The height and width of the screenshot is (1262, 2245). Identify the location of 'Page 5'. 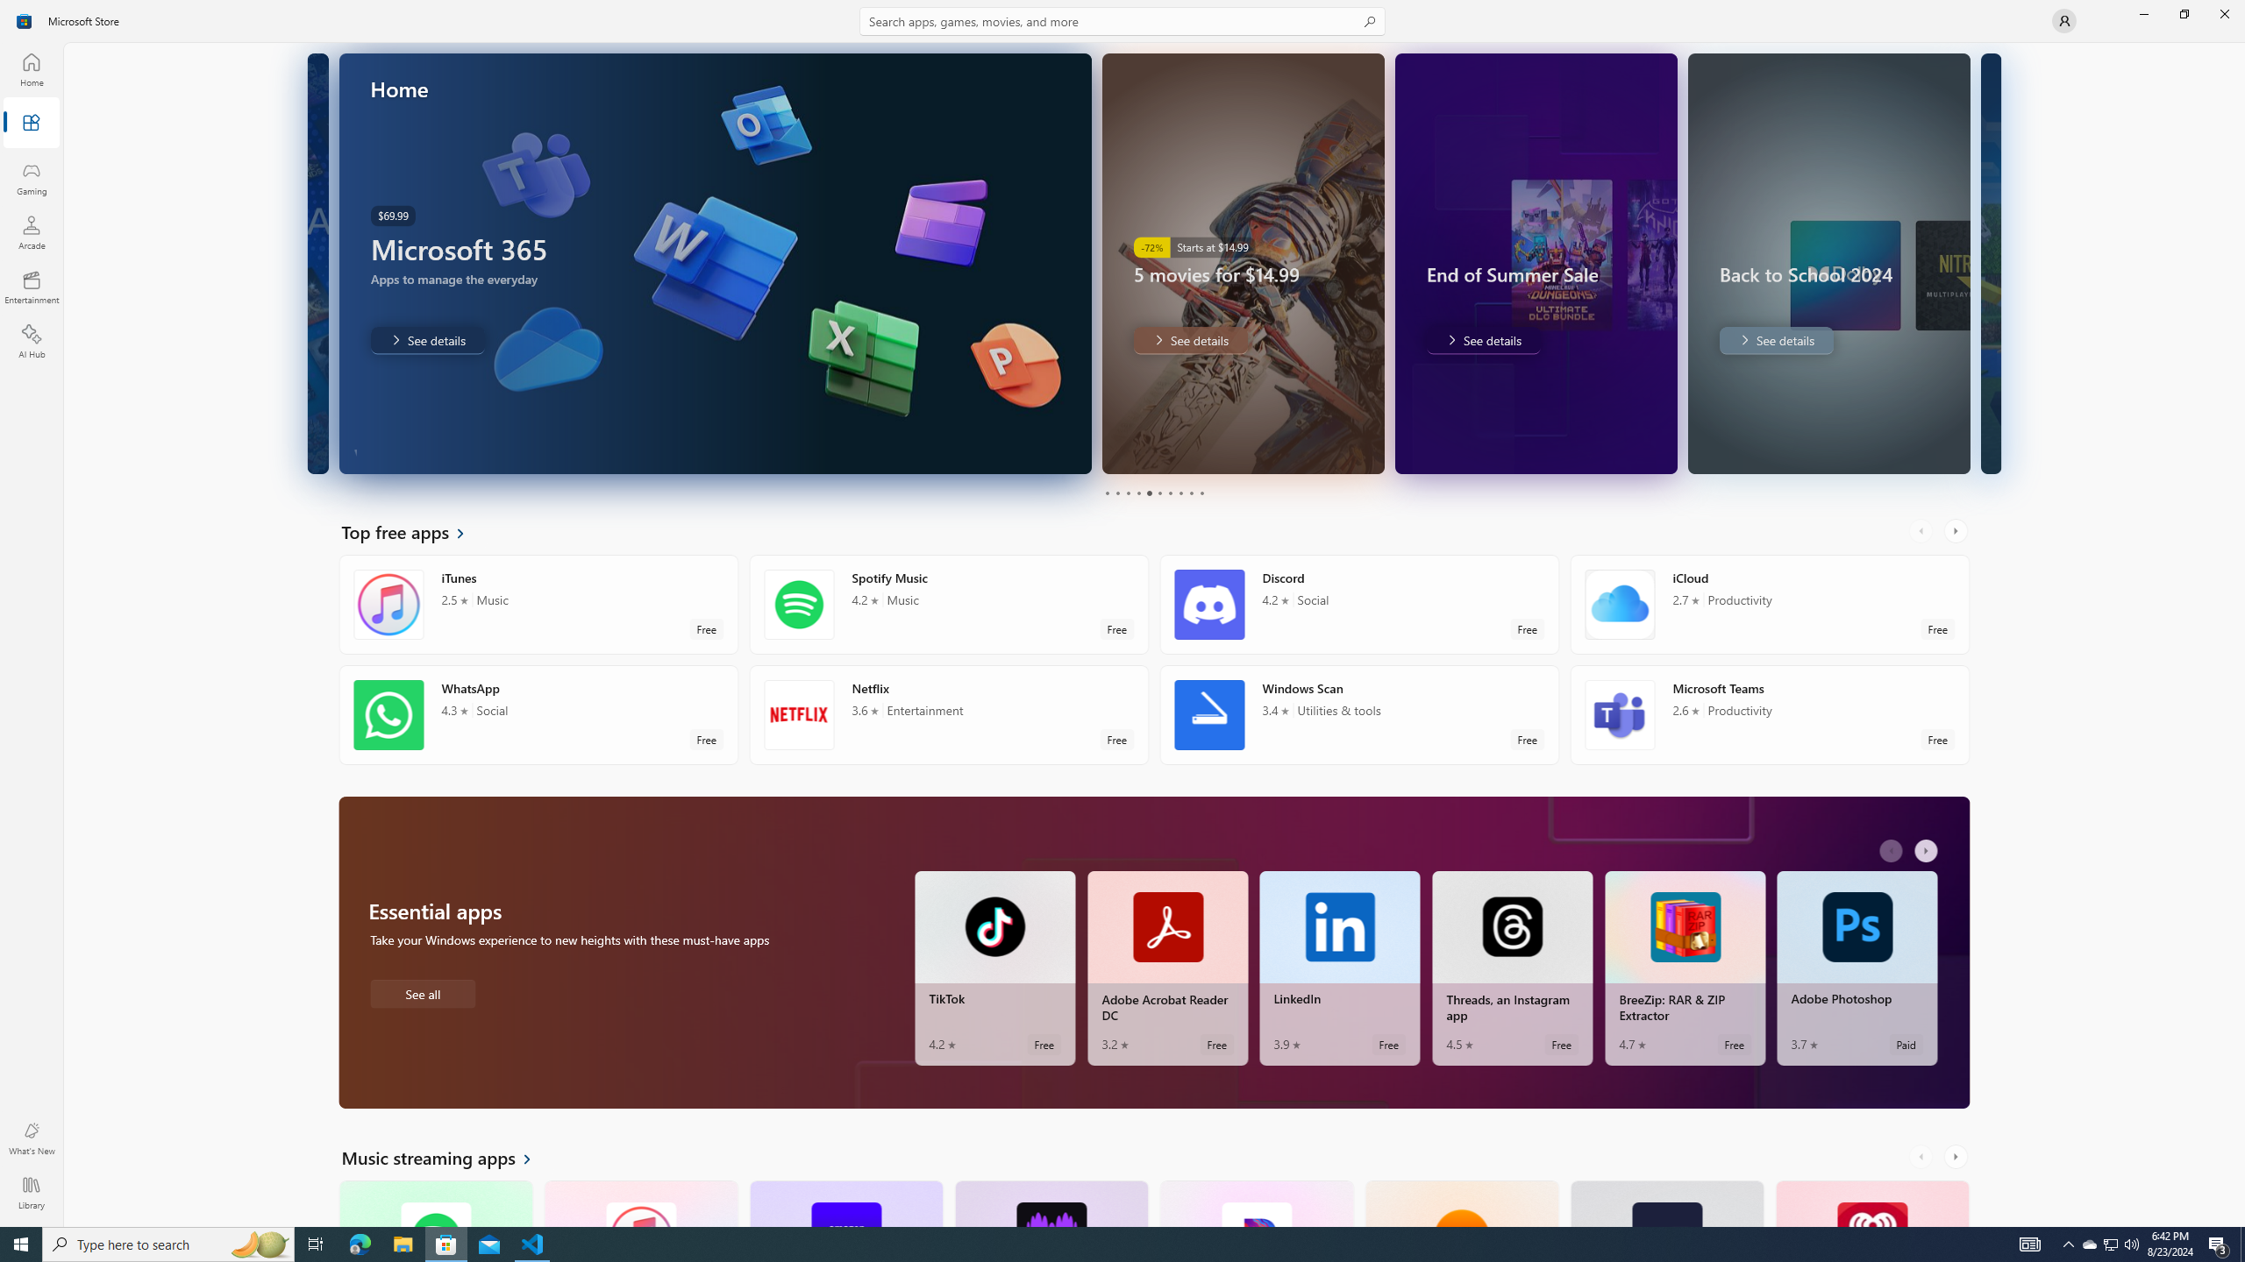
(1147, 493).